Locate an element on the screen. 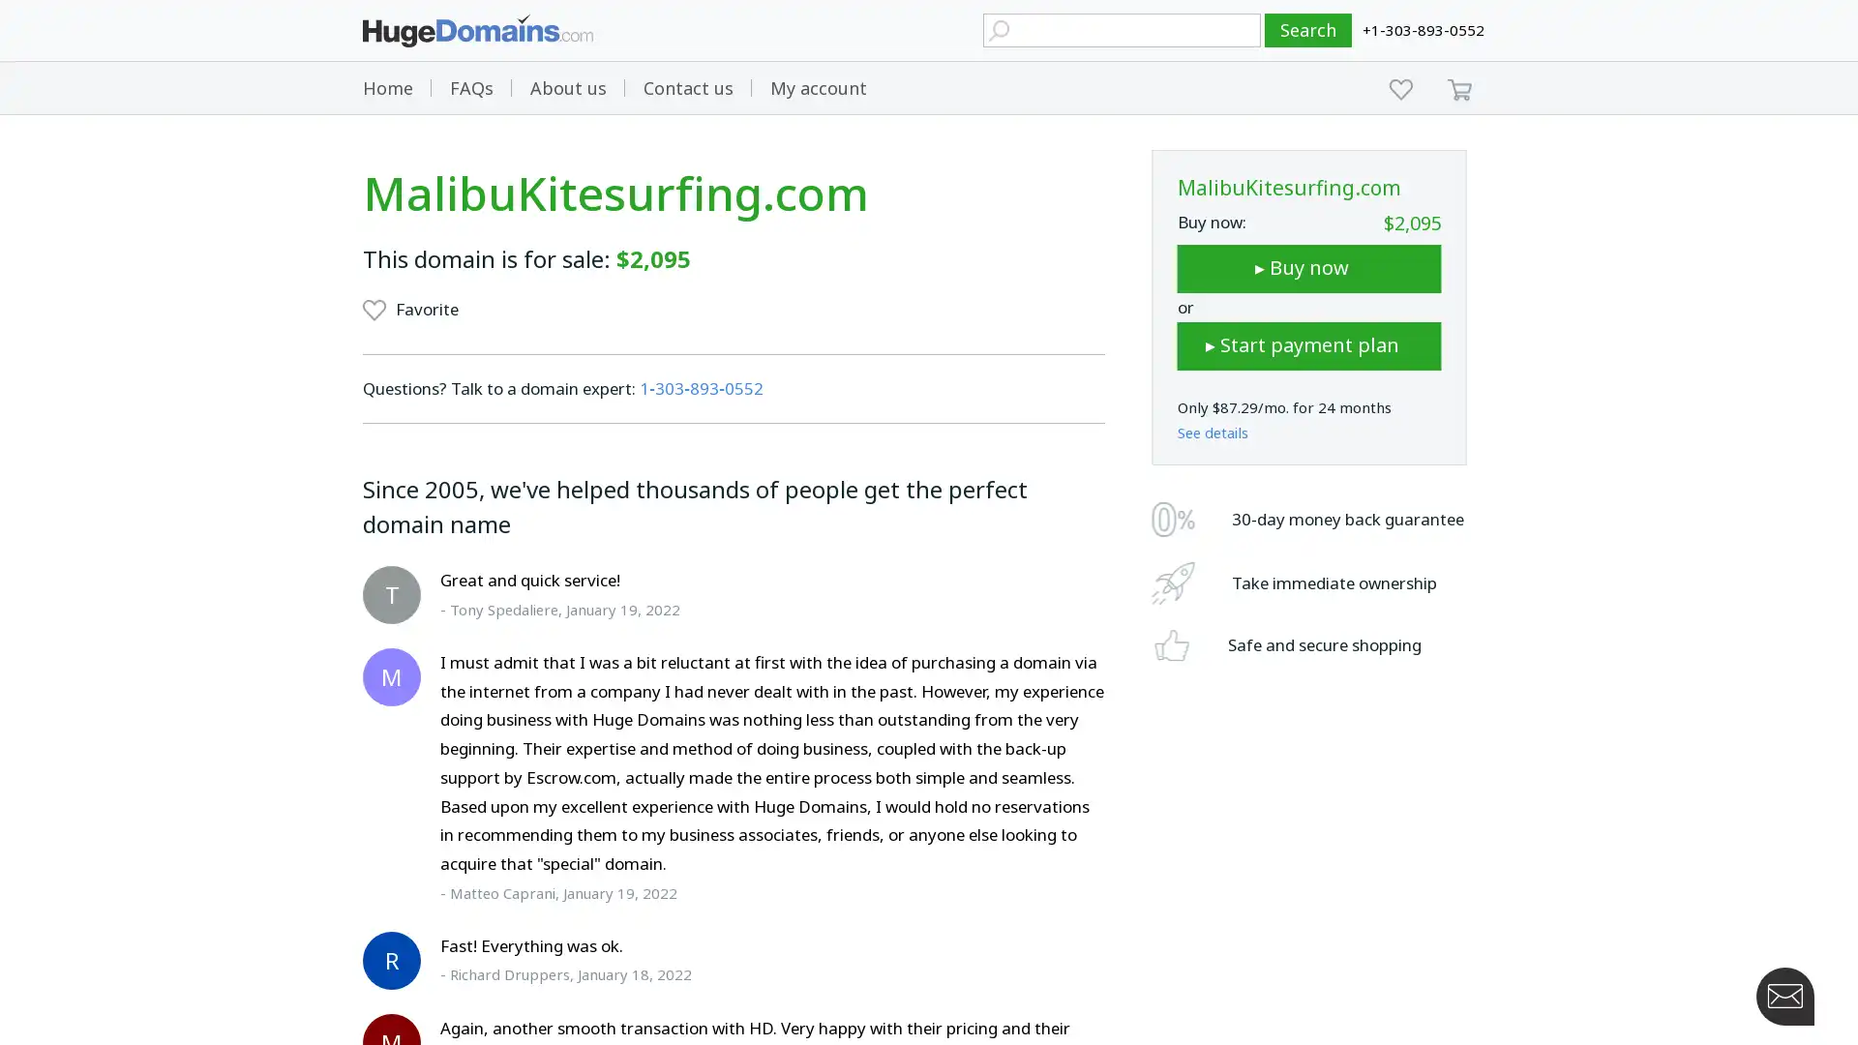 The height and width of the screenshot is (1045, 1858). Search is located at coordinates (1308, 30).